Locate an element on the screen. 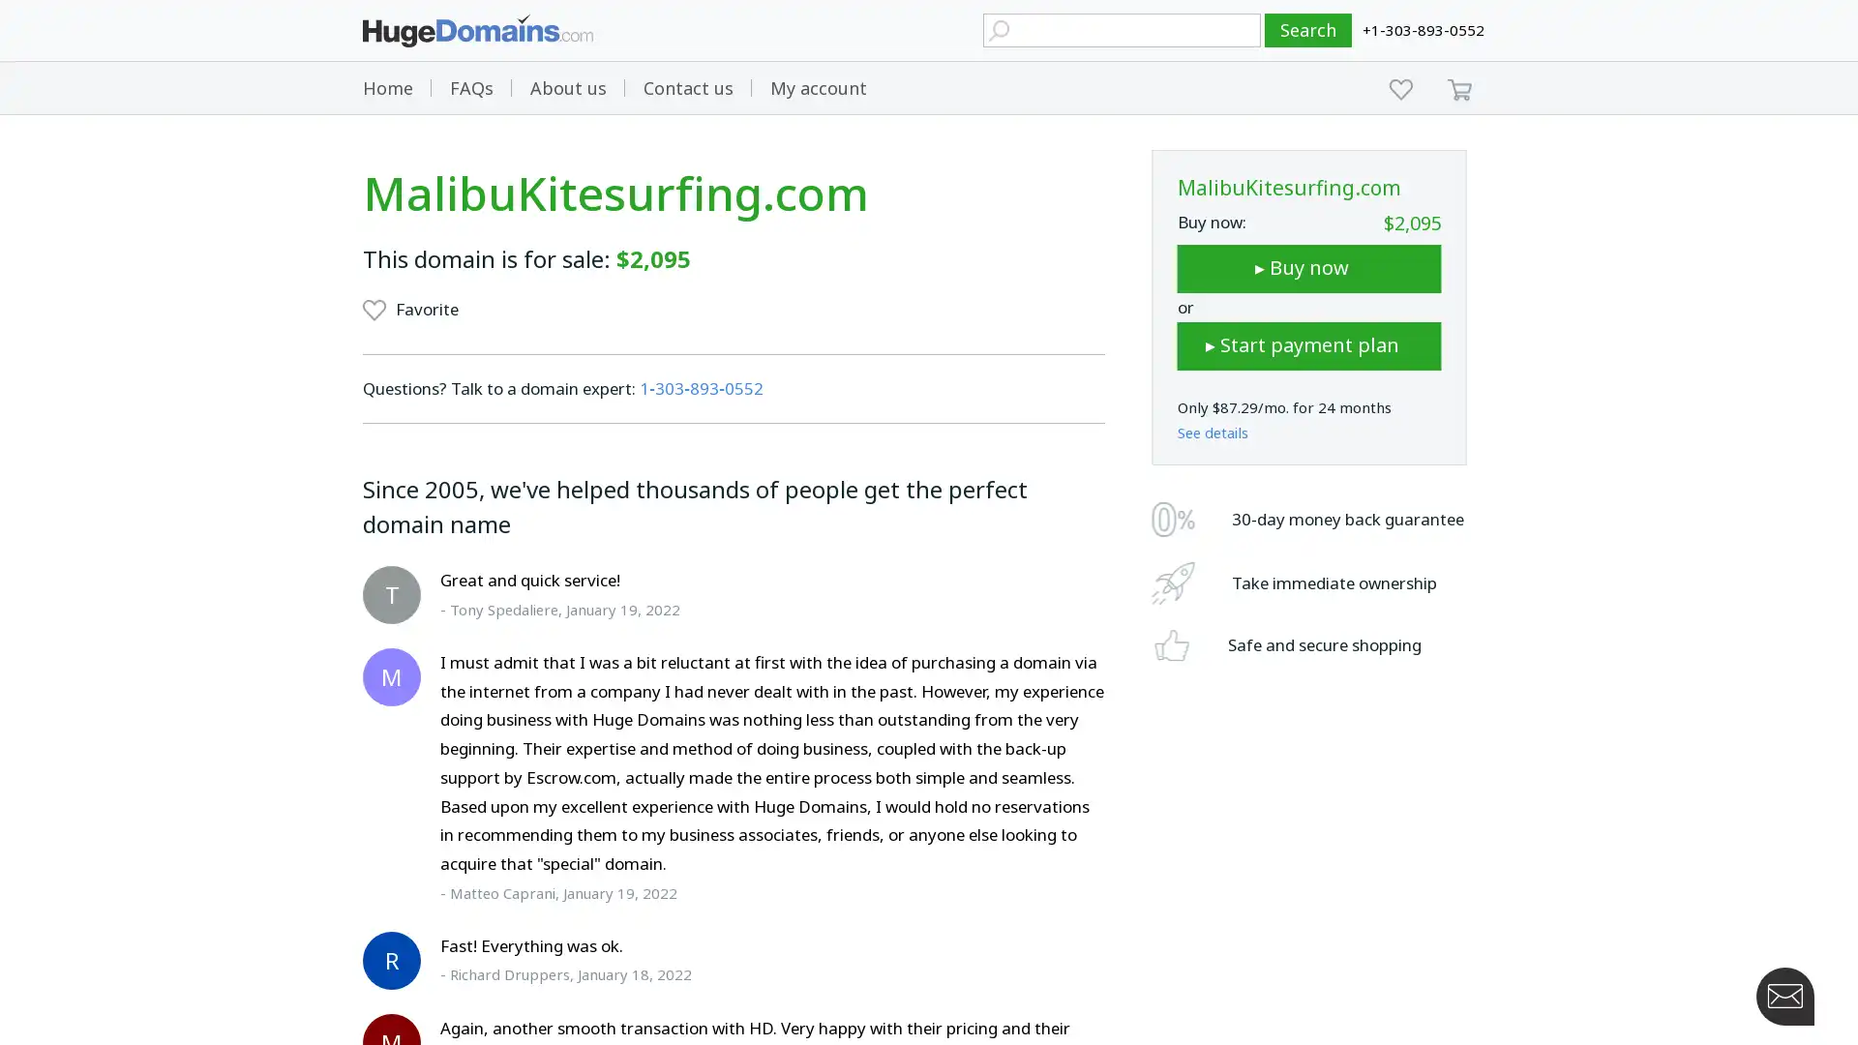 The height and width of the screenshot is (1045, 1858). Search is located at coordinates (1308, 30).